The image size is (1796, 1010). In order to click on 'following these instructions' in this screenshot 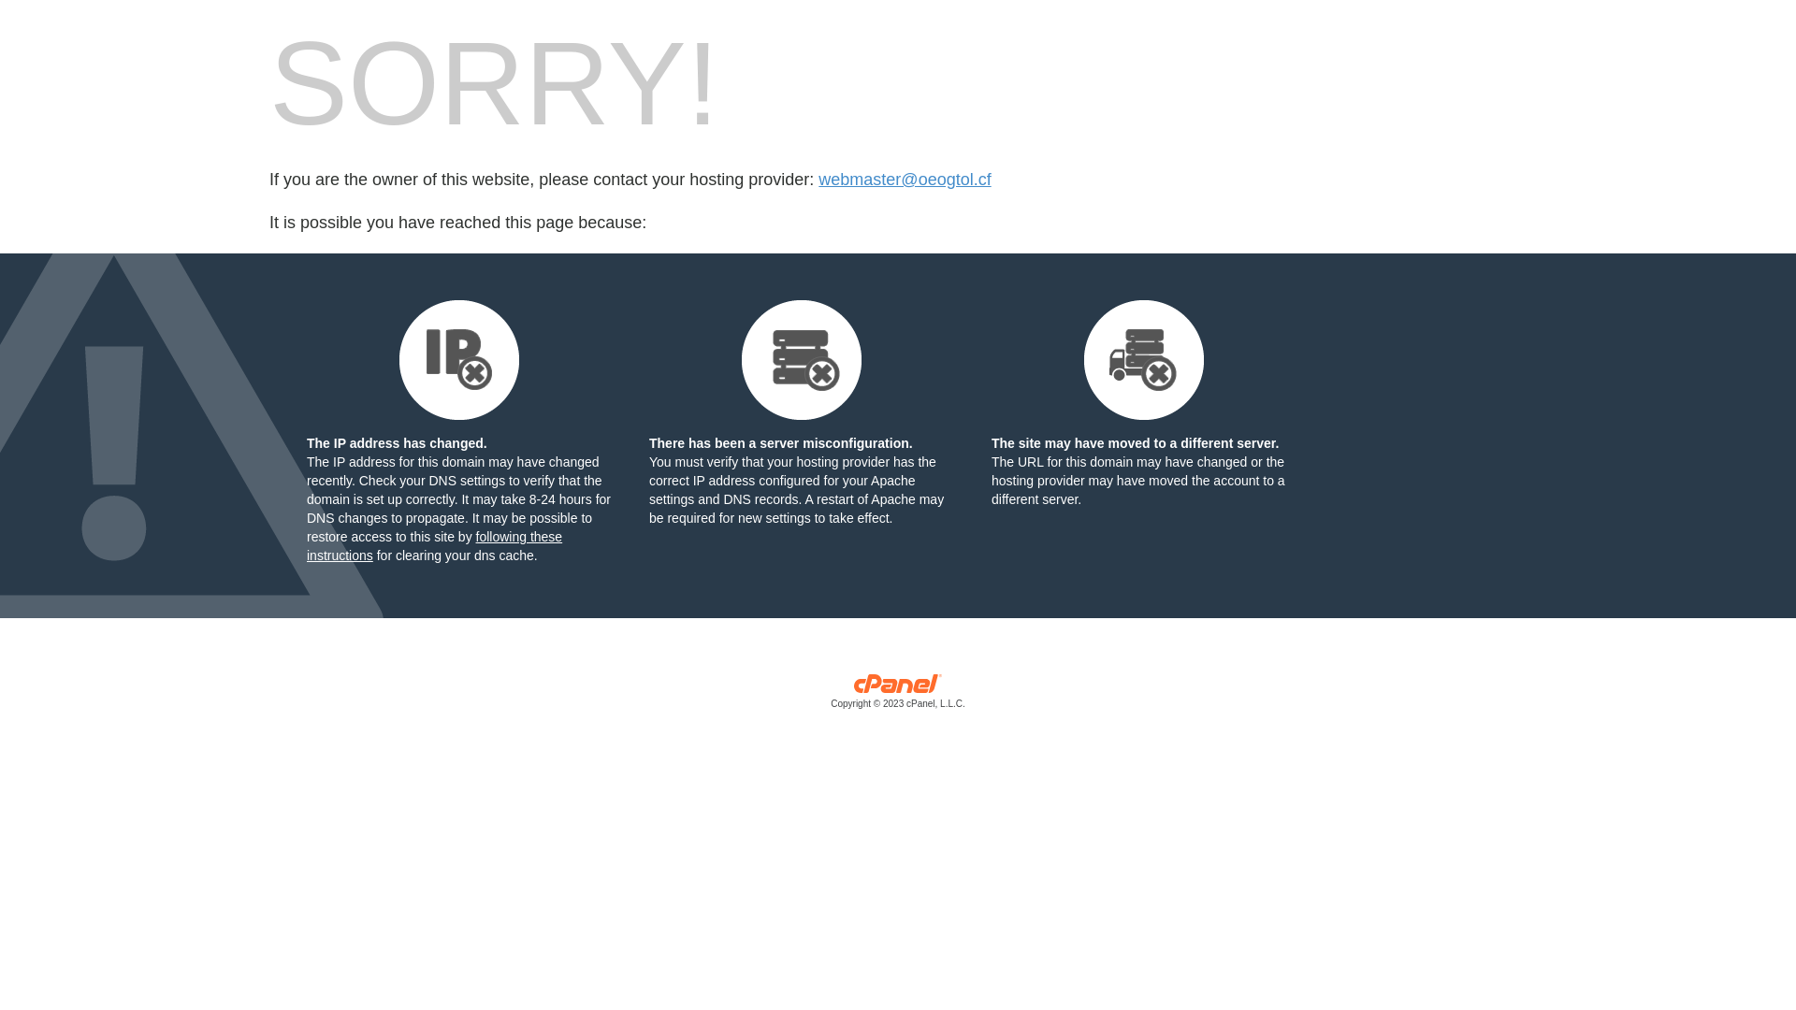, I will do `click(433, 545)`.